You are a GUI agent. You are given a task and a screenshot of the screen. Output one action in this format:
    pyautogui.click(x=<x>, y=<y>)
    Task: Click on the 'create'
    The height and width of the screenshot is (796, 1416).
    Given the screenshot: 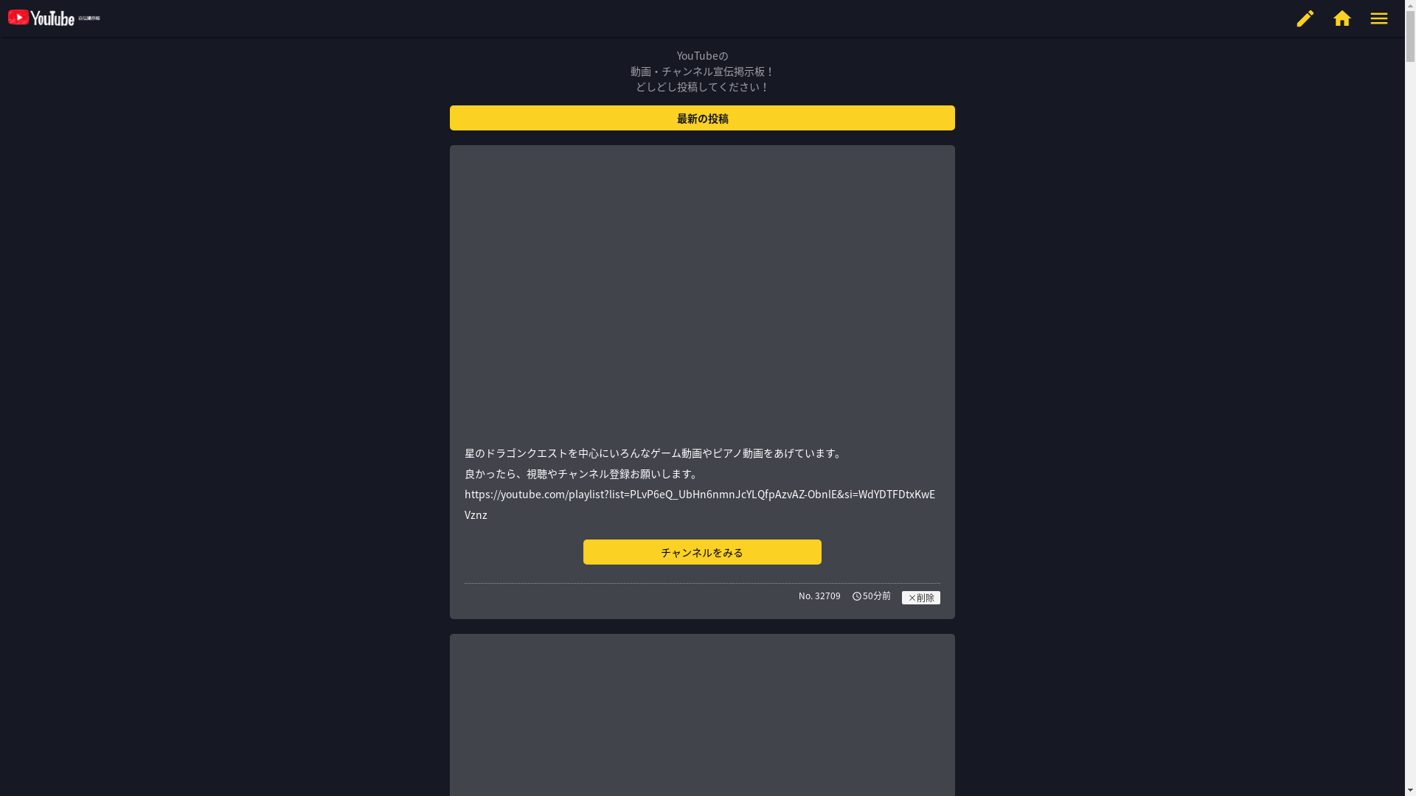 What is the action you would take?
    pyautogui.click(x=1305, y=18)
    